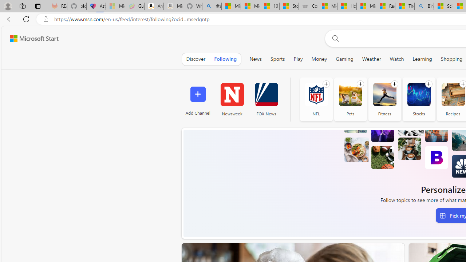 The height and width of the screenshot is (262, 466). I want to click on 'Sports', so click(277, 59).